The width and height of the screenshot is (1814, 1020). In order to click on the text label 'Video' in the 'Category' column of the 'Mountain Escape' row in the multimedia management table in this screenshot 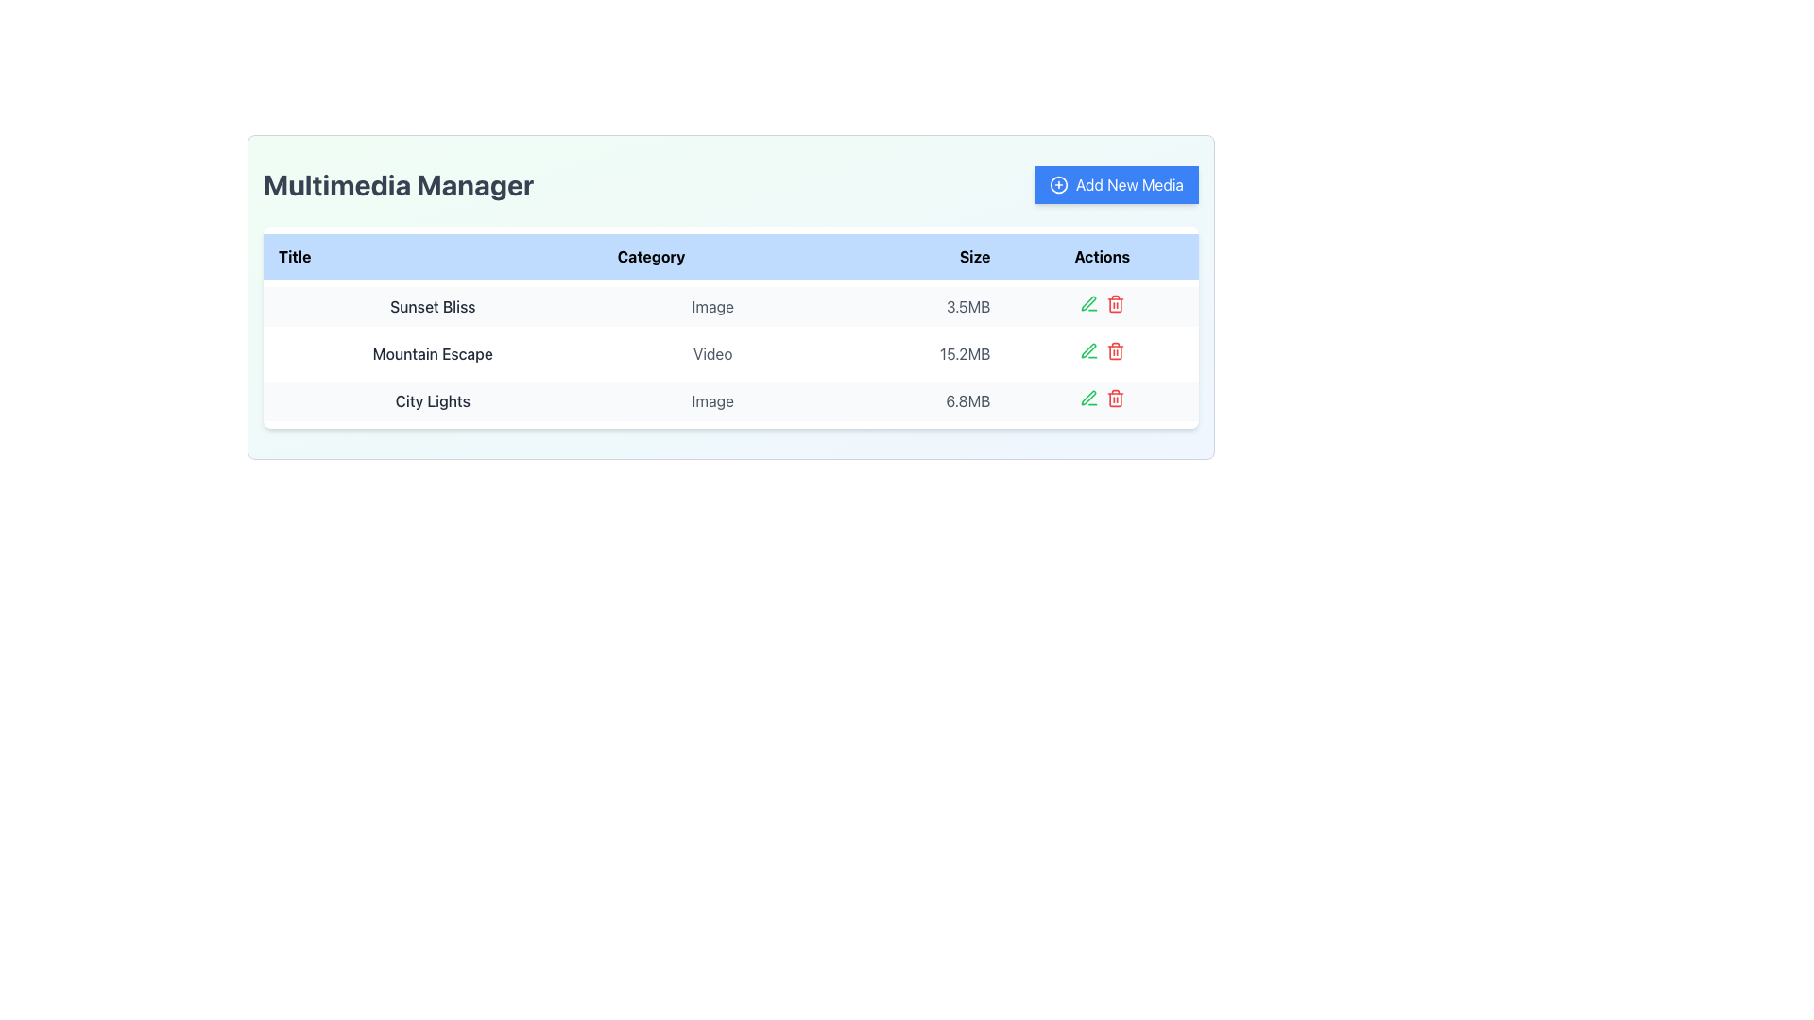, I will do `click(711, 353)`.